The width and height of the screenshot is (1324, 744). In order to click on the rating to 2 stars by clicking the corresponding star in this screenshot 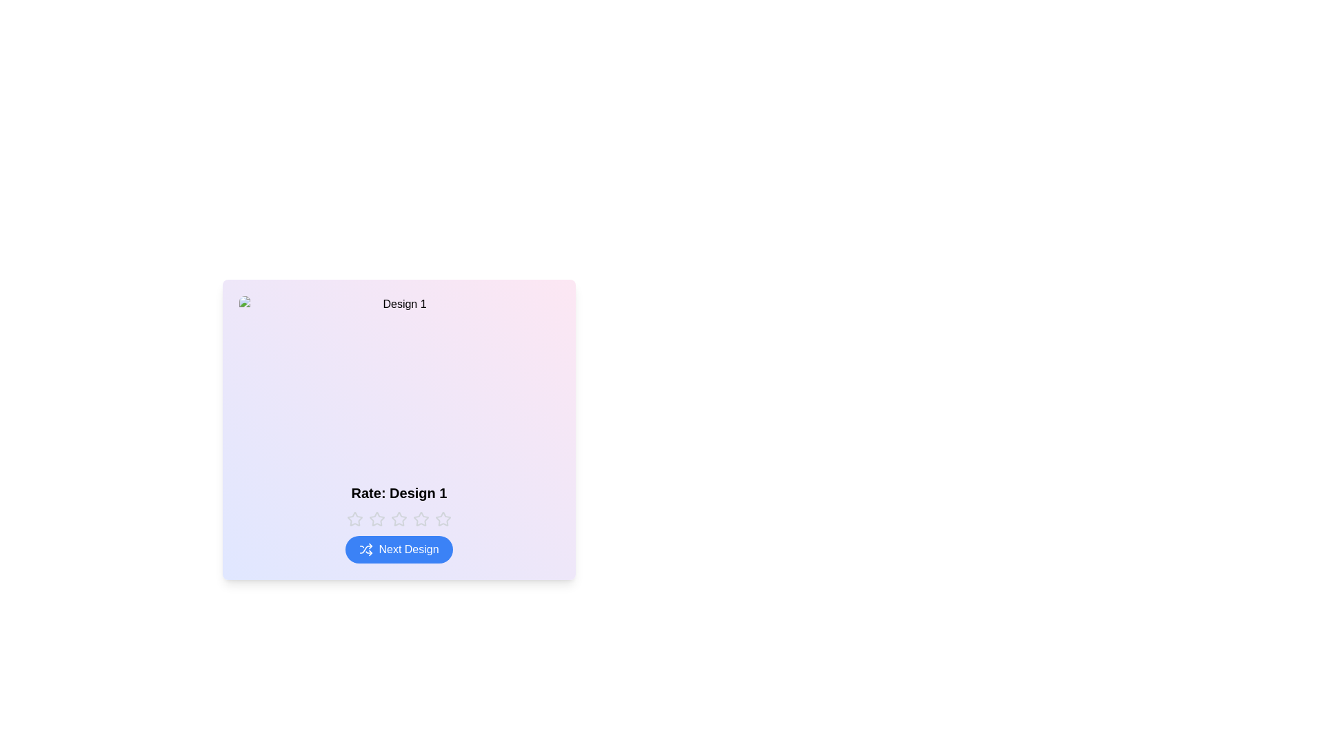, I will do `click(377, 519)`.